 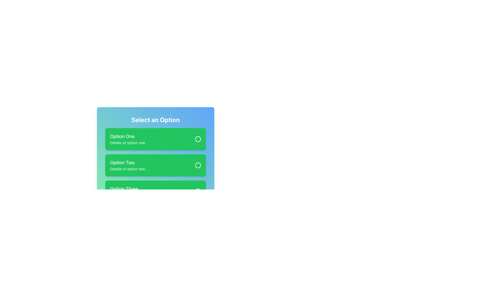 What do you see at coordinates (198, 139) in the screenshot?
I see `the circular radio button with a white stroke on a green background located at the right end of the section labeled 'Option One'` at bounding box center [198, 139].